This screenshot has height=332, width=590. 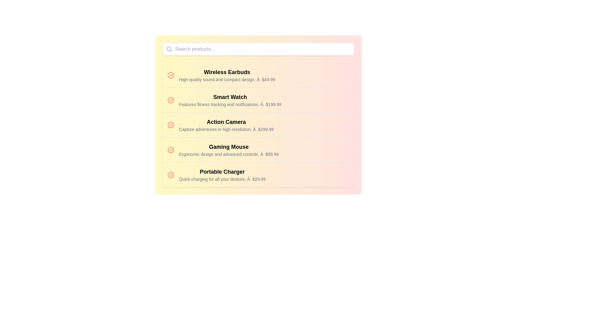 What do you see at coordinates (171, 175) in the screenshot?
I see `the visual indicator icon for the 'Portable Charger' product, located at the far left of the item in the list` at bounding box center [171, 175].